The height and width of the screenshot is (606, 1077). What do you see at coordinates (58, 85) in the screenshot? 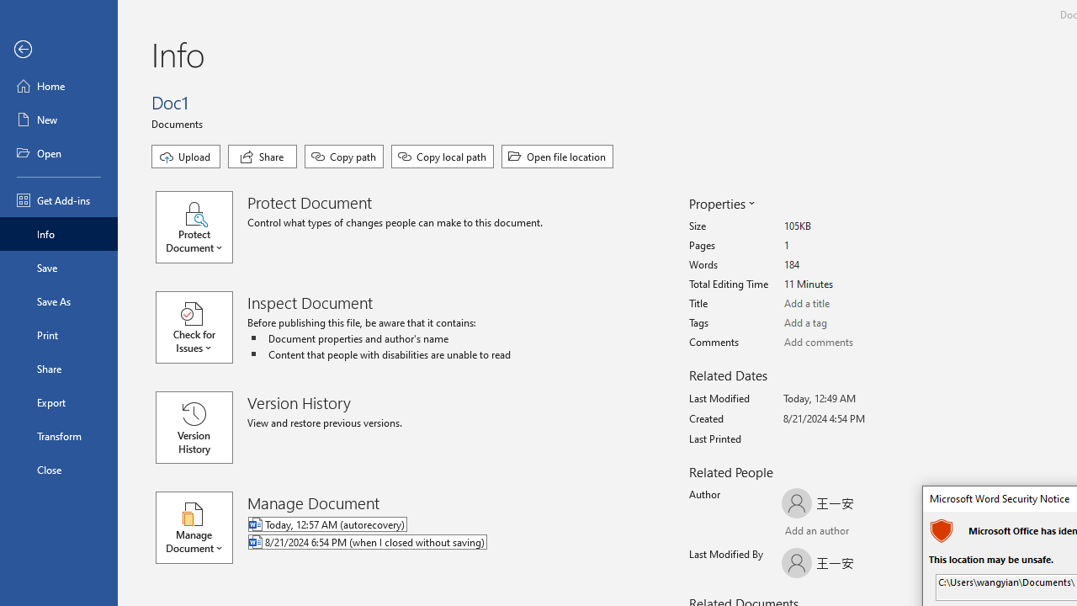
I see `'Home'` at bounding box center [58, 85].